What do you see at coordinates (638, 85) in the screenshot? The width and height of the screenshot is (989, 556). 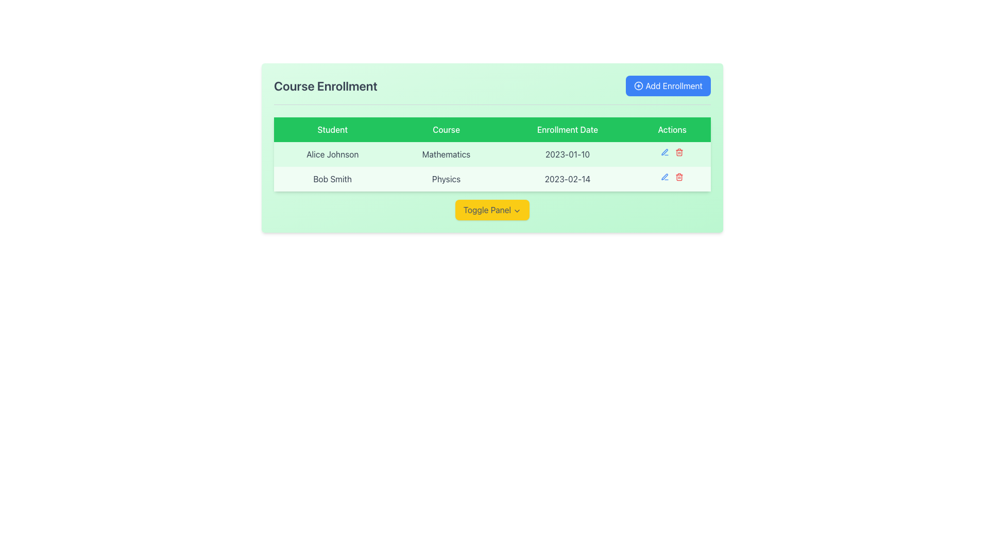 I see `the icon representing the 'Add Enrollment' button, which is located at the leftmost part of the button near the label text 'Add Enrollment'` at bounding box center [638, 85].